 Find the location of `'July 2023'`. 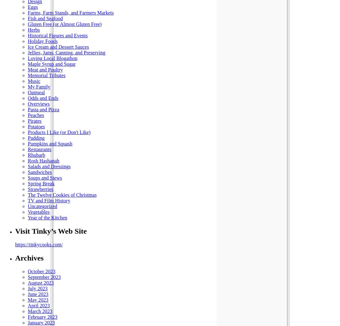

'July 2023' is located at coordinates (37, 288).